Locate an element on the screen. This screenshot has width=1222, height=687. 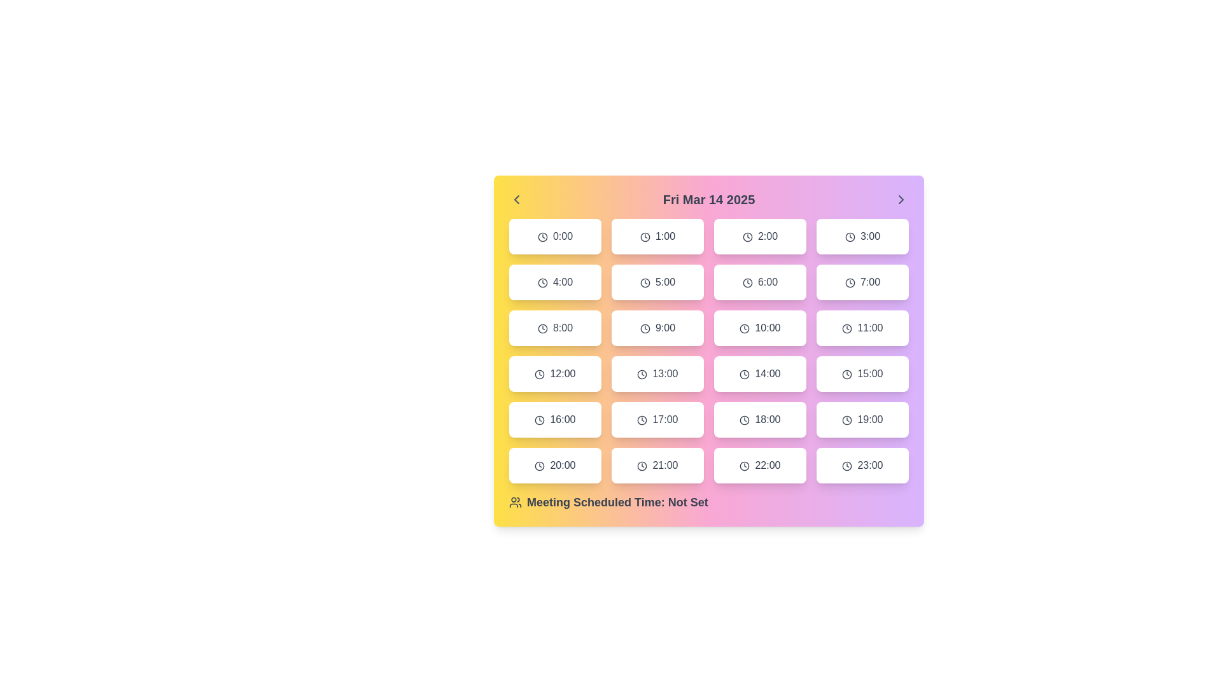
the time slot selector button located in the fifth column and fourth row of the grid is located at coordinates (555, 419).